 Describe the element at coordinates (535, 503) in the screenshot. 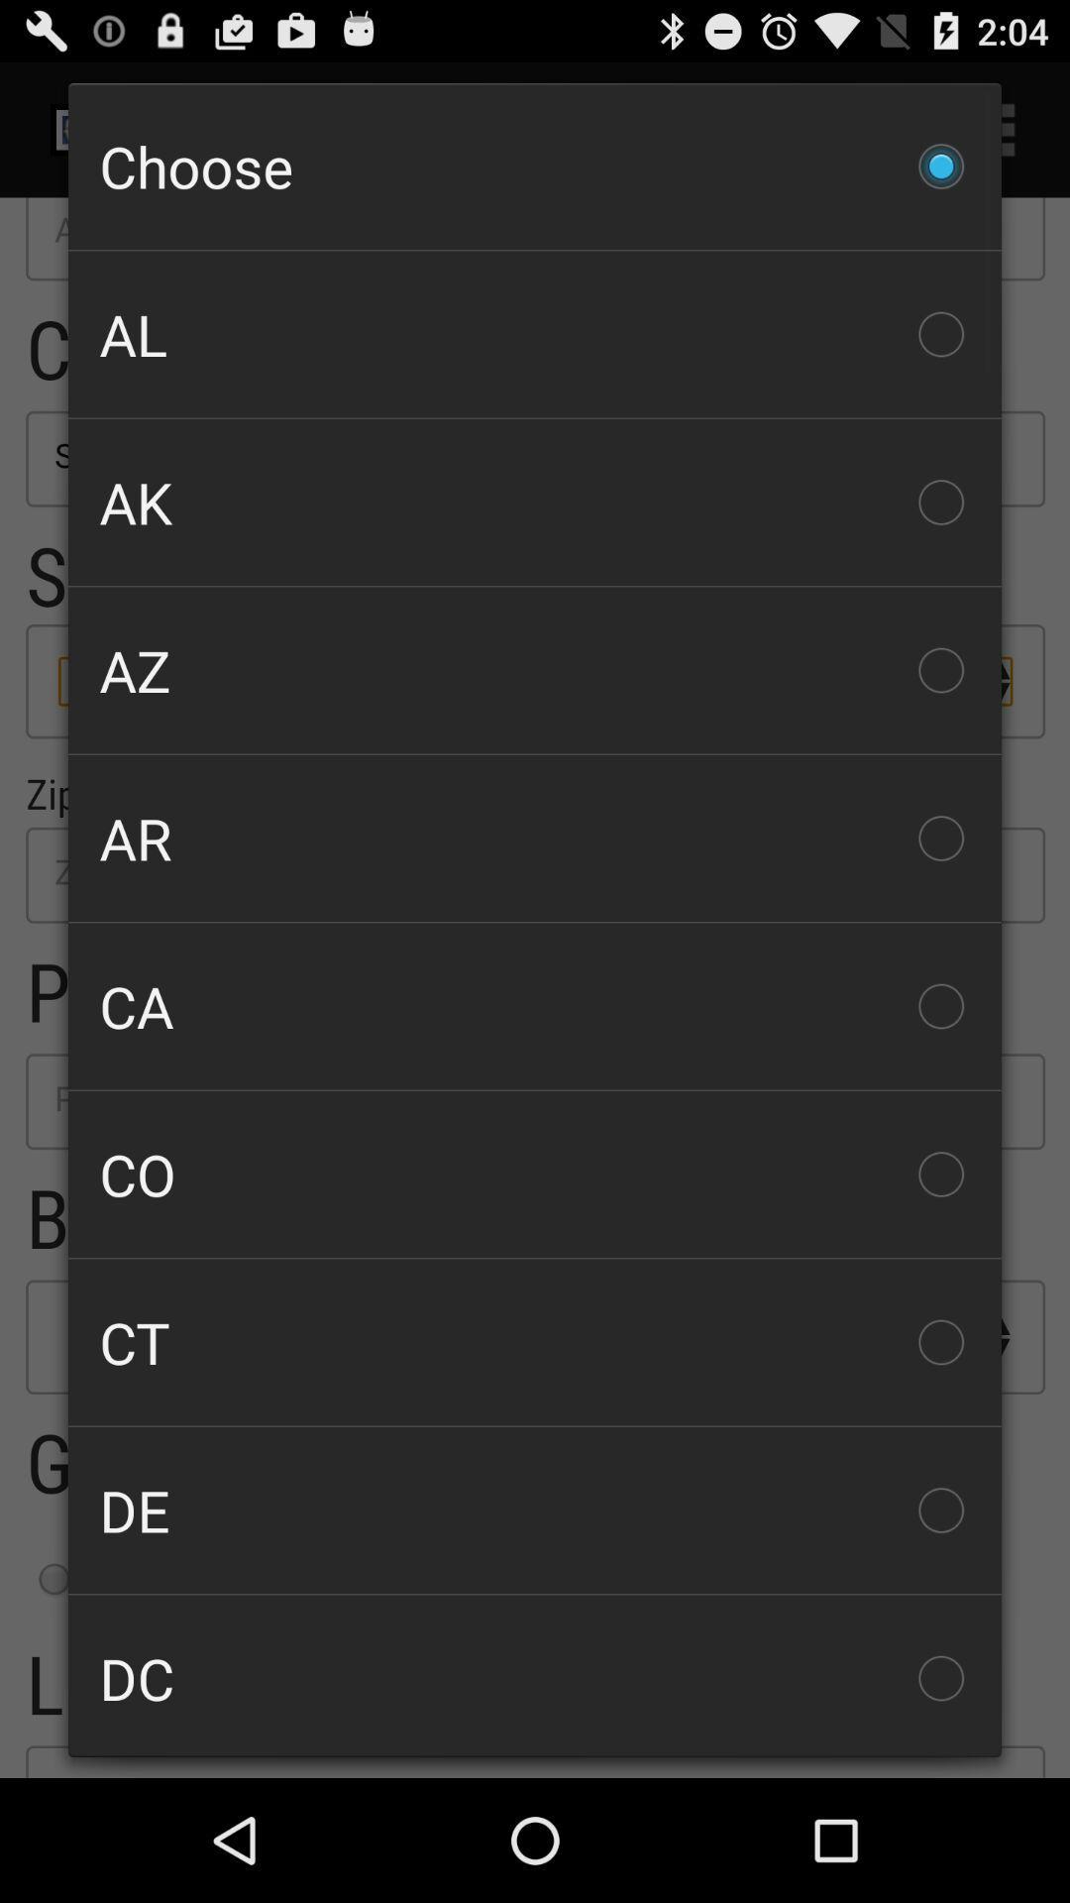

I see `ak icon` at that location.